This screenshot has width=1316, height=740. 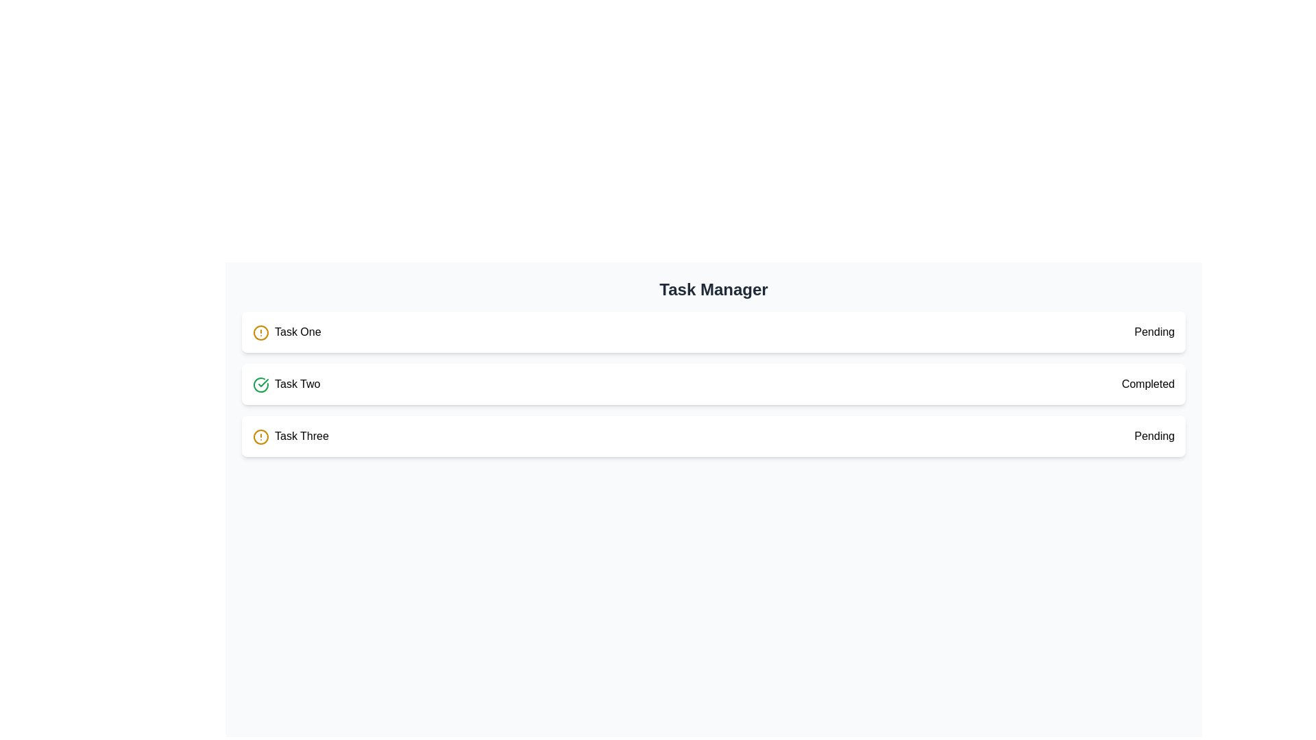 I want to click on the 'Task Two' text label, so click(x=286, y=384).